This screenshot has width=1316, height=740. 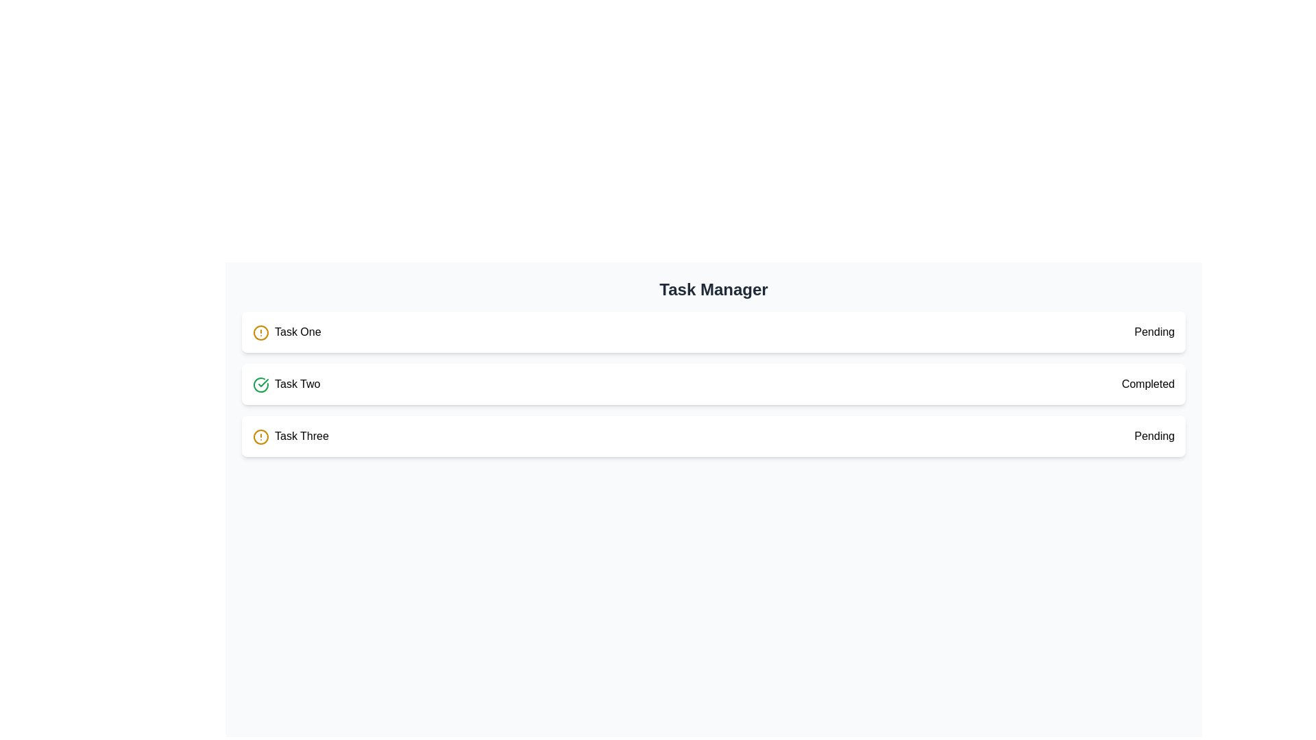 I want to click on the 'Task Two' text label, so click(x=286, y=384).